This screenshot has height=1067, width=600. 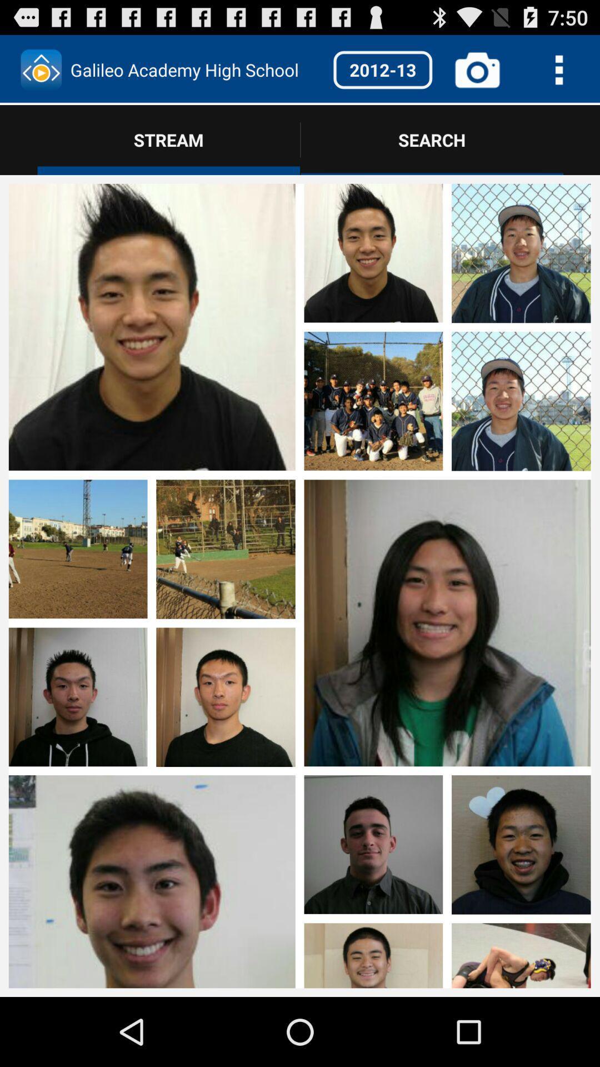 I want to click on photos page, so click(x=447, y=878).